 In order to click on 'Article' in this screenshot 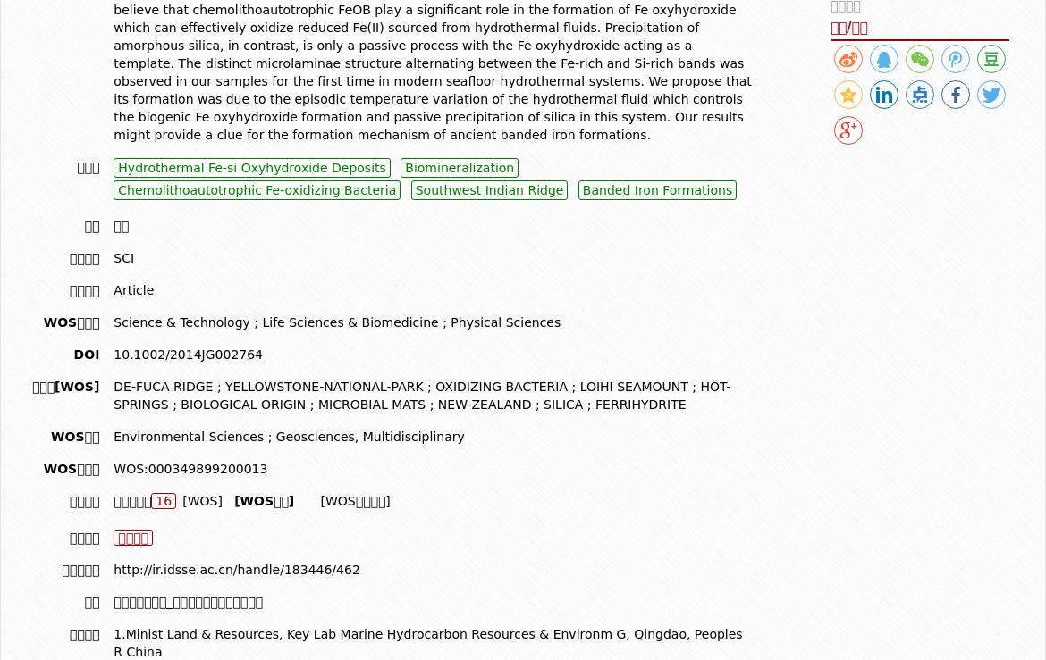, I will do `click(132, 290)`.